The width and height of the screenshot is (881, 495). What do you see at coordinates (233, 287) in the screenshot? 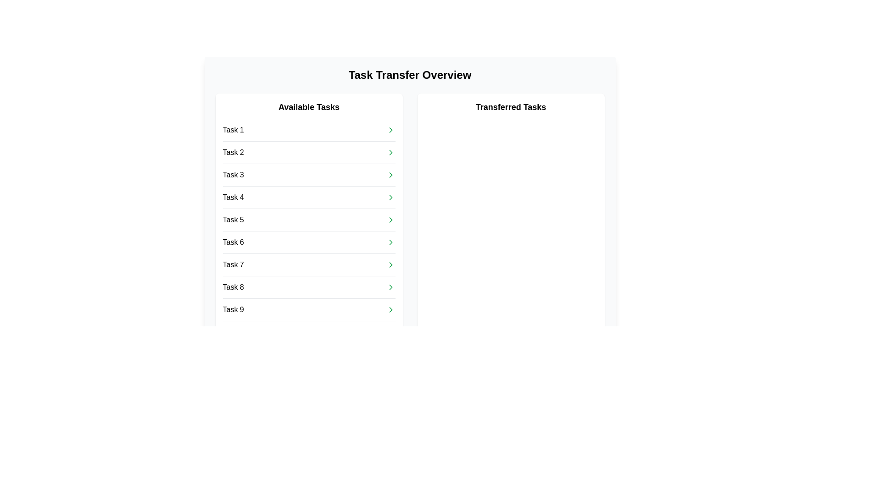
I see `the Text Label indicating the task in the 'Available Tasks' column, specifically the eighth position, situated between 'Task 7' and 'Task 9'` at bounding box center [233, 287].